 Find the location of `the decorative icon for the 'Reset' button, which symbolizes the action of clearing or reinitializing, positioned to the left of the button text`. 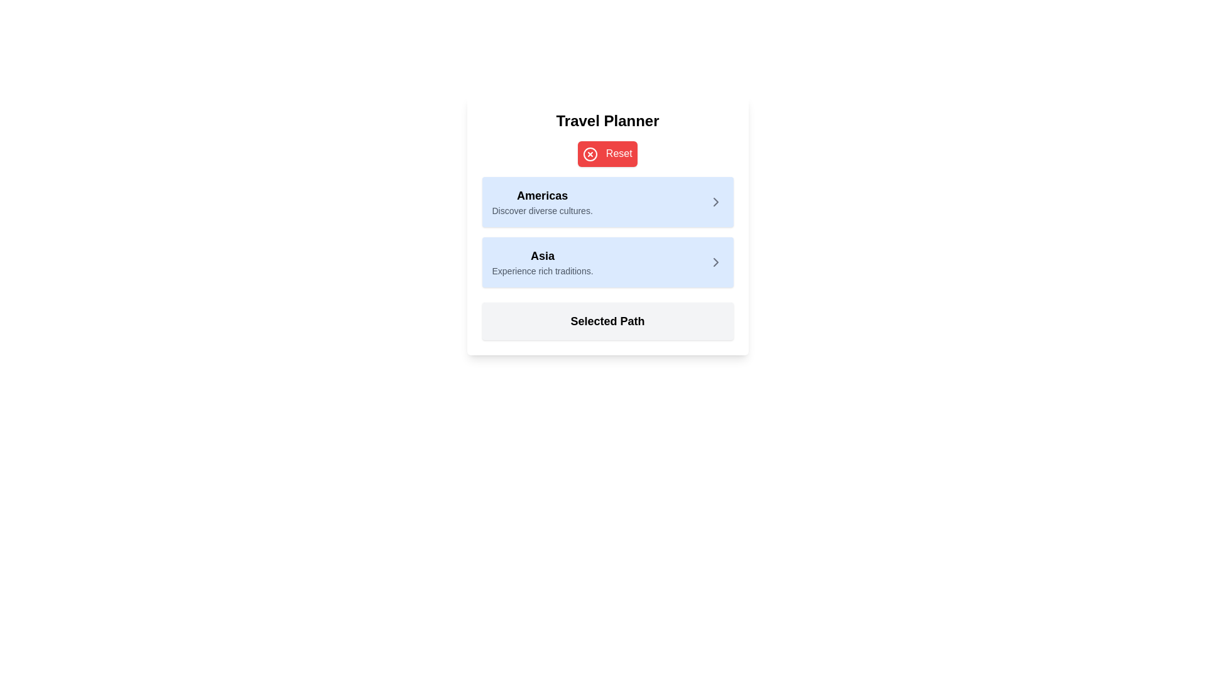

the decorative icon for the 'Reset' button, which symbolizes the action of clearing or reinitializing, positioned to the left of the button text is located at coordinates (590, 153).